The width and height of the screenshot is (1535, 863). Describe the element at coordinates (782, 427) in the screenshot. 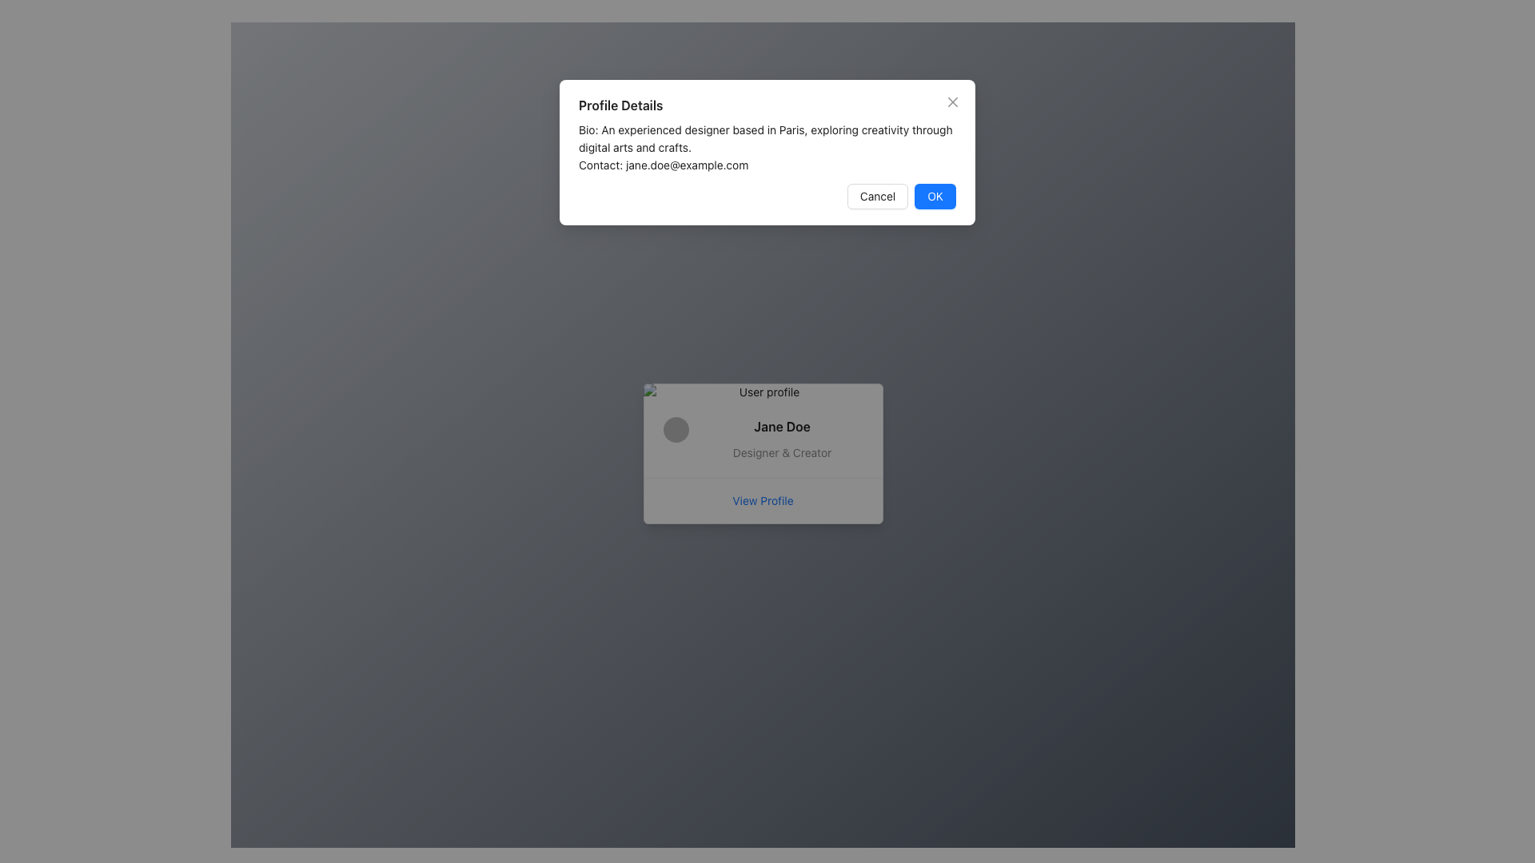

I see `the text label displaying 'Jane Doe'` at that location.